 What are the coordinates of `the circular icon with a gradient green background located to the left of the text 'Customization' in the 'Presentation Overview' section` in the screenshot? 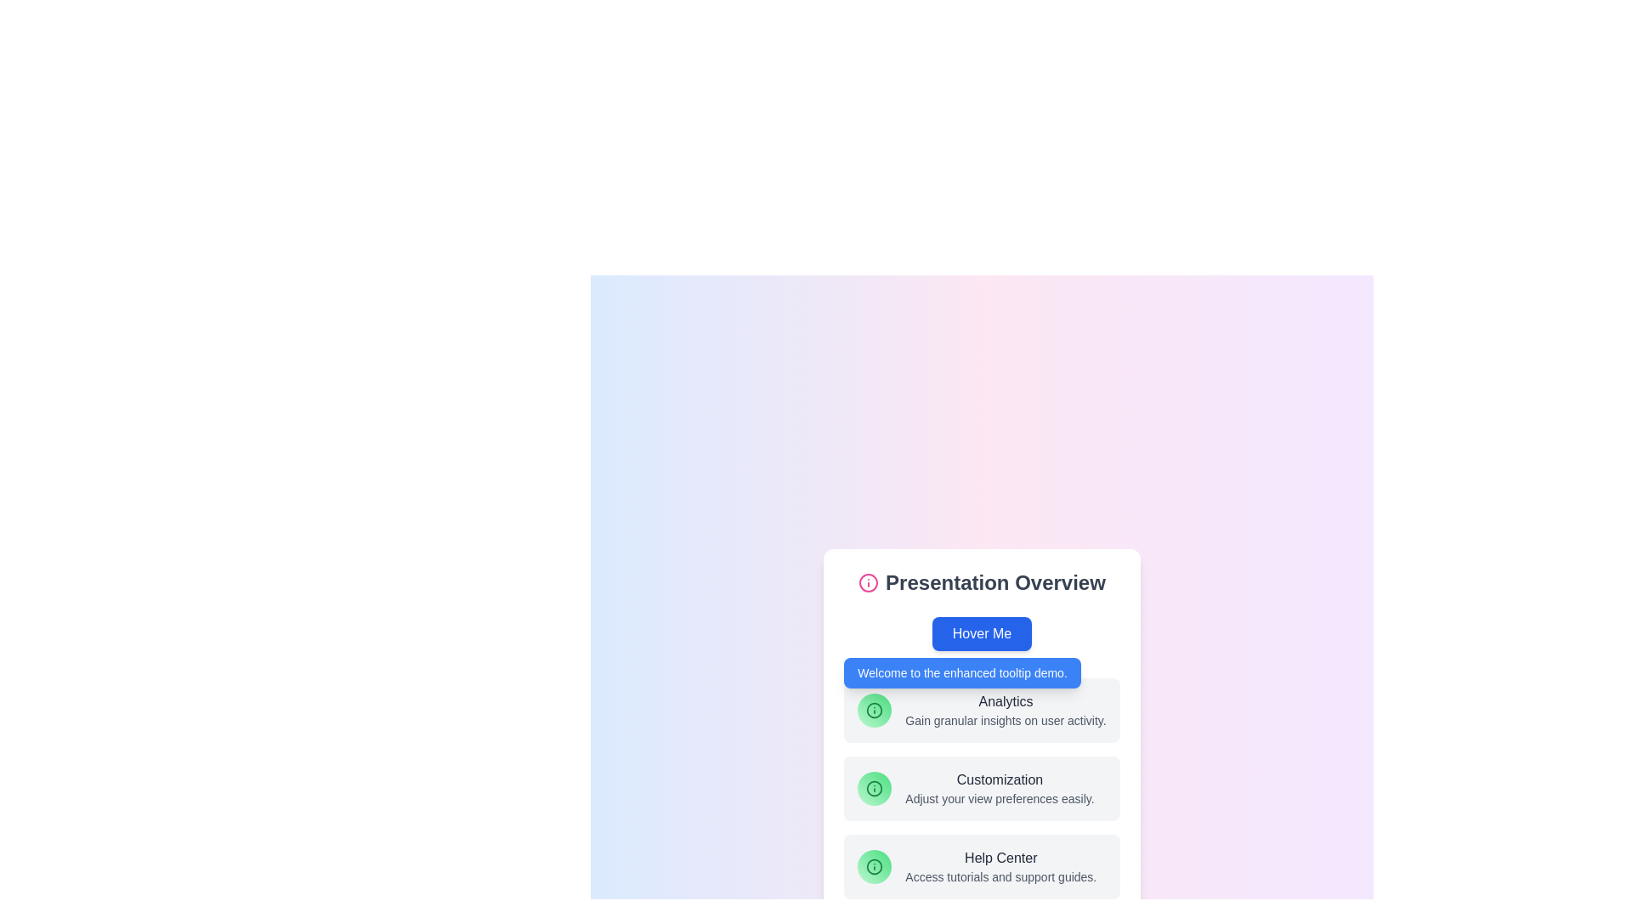 It's located at (875, 789).